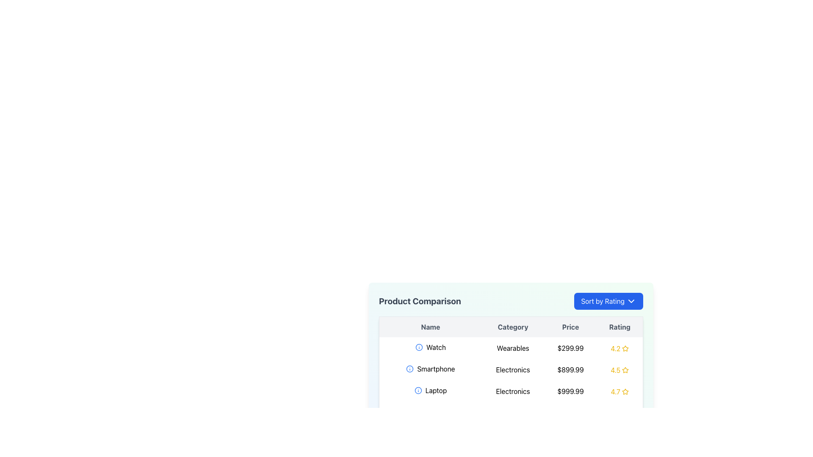 The image size is (813, 457). What do you see at coordinates (430, 368) in the screenshot?
I see `the Text Label displaying 'Smartphone' located in the second row of the table under the 'Name' column` at bounding box center [430, 368].